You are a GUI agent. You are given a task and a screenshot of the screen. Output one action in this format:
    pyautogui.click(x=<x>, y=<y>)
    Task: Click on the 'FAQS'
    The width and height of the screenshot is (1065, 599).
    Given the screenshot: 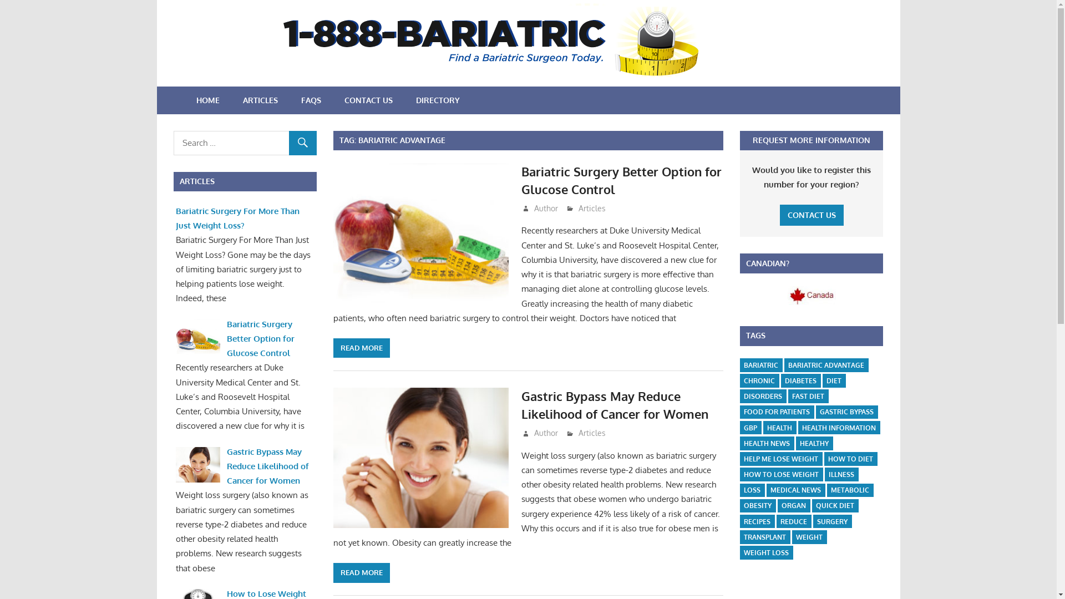 What is the action you would take?
    pyautogui.click(x=311, y=100)
    